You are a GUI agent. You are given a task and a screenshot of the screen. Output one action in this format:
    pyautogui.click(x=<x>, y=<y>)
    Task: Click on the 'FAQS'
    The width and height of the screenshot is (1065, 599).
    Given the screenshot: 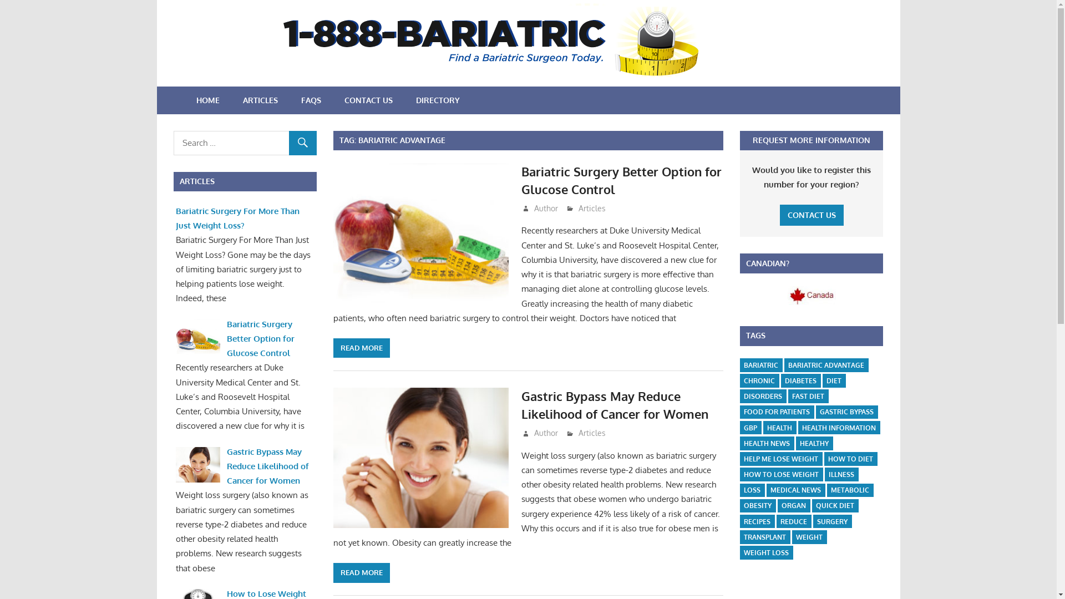 What is the action you would take?
    pyautogui.click(x=311, y=100)
    